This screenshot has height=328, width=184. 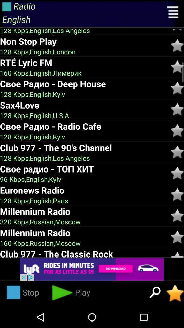 I want to click on rate star, so click(x=177, y=88).